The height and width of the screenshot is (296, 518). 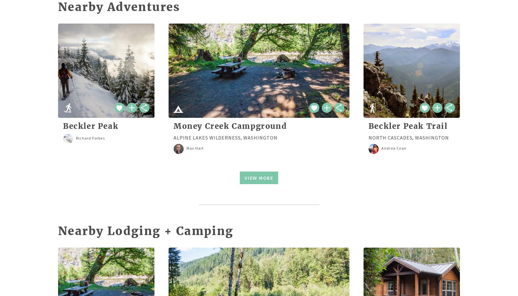 I want to click on 'View More', so click(x=258, y=177).